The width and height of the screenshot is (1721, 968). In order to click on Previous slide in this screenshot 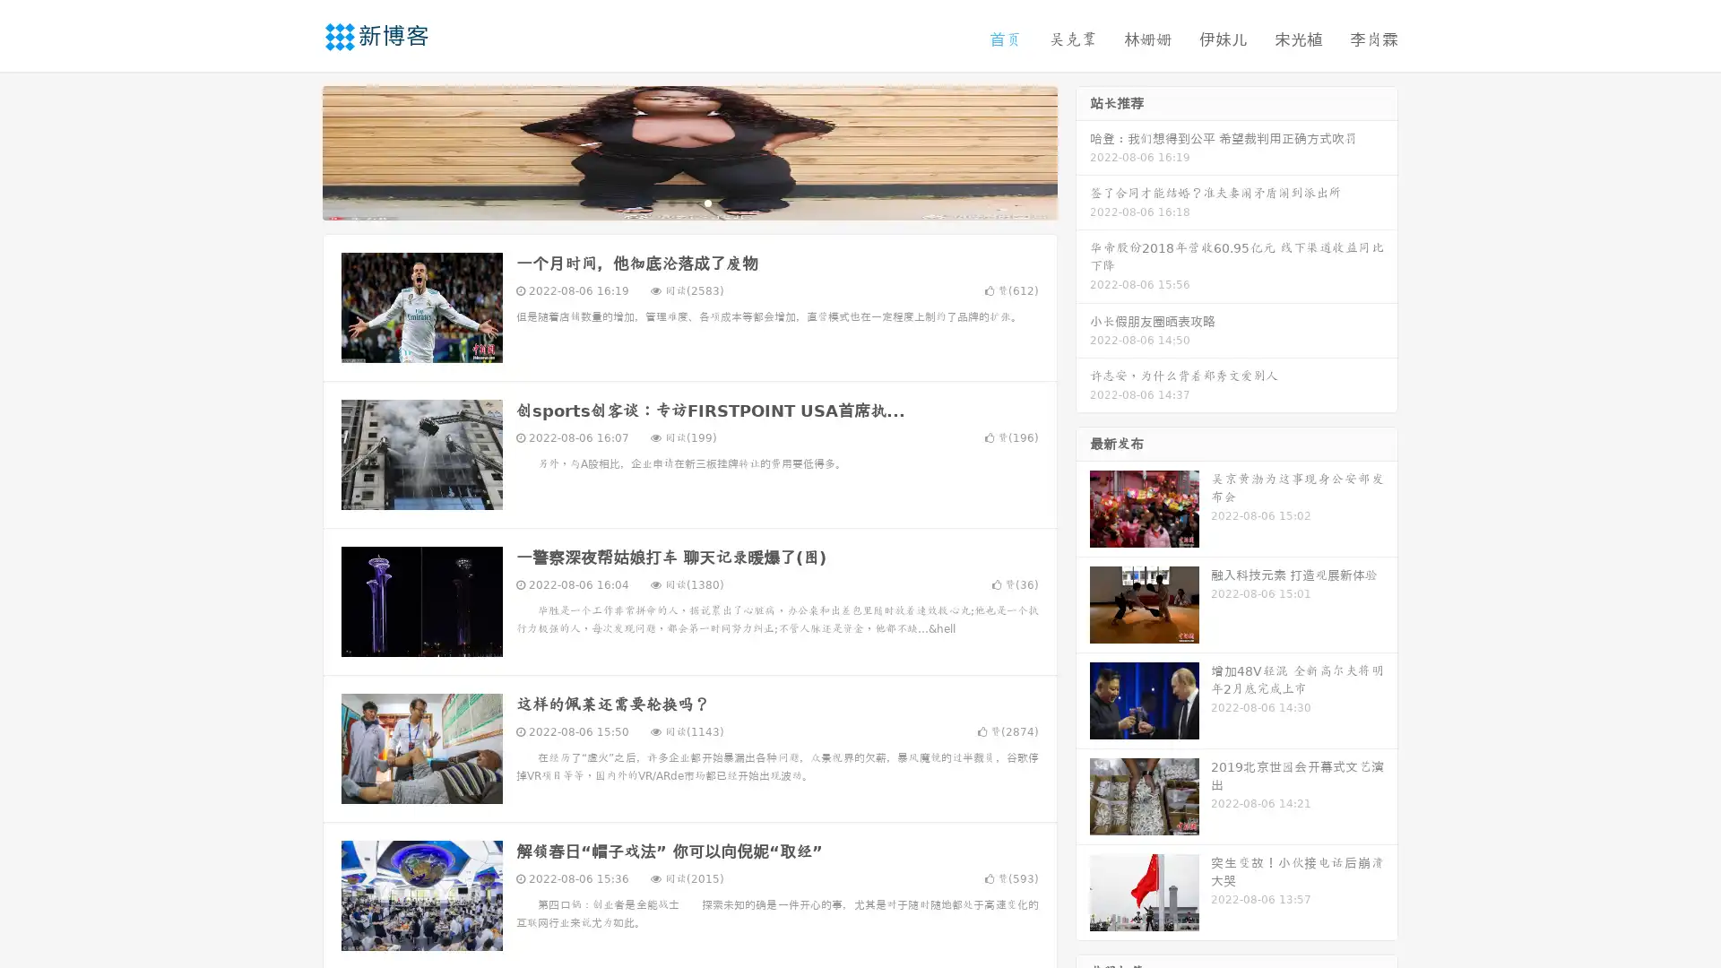, I will do `click(296, 151)`.